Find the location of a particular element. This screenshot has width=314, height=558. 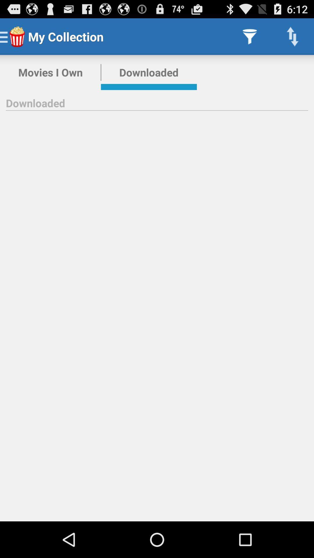

the icon to the right of movies i own is located at coordinates (149, 72).